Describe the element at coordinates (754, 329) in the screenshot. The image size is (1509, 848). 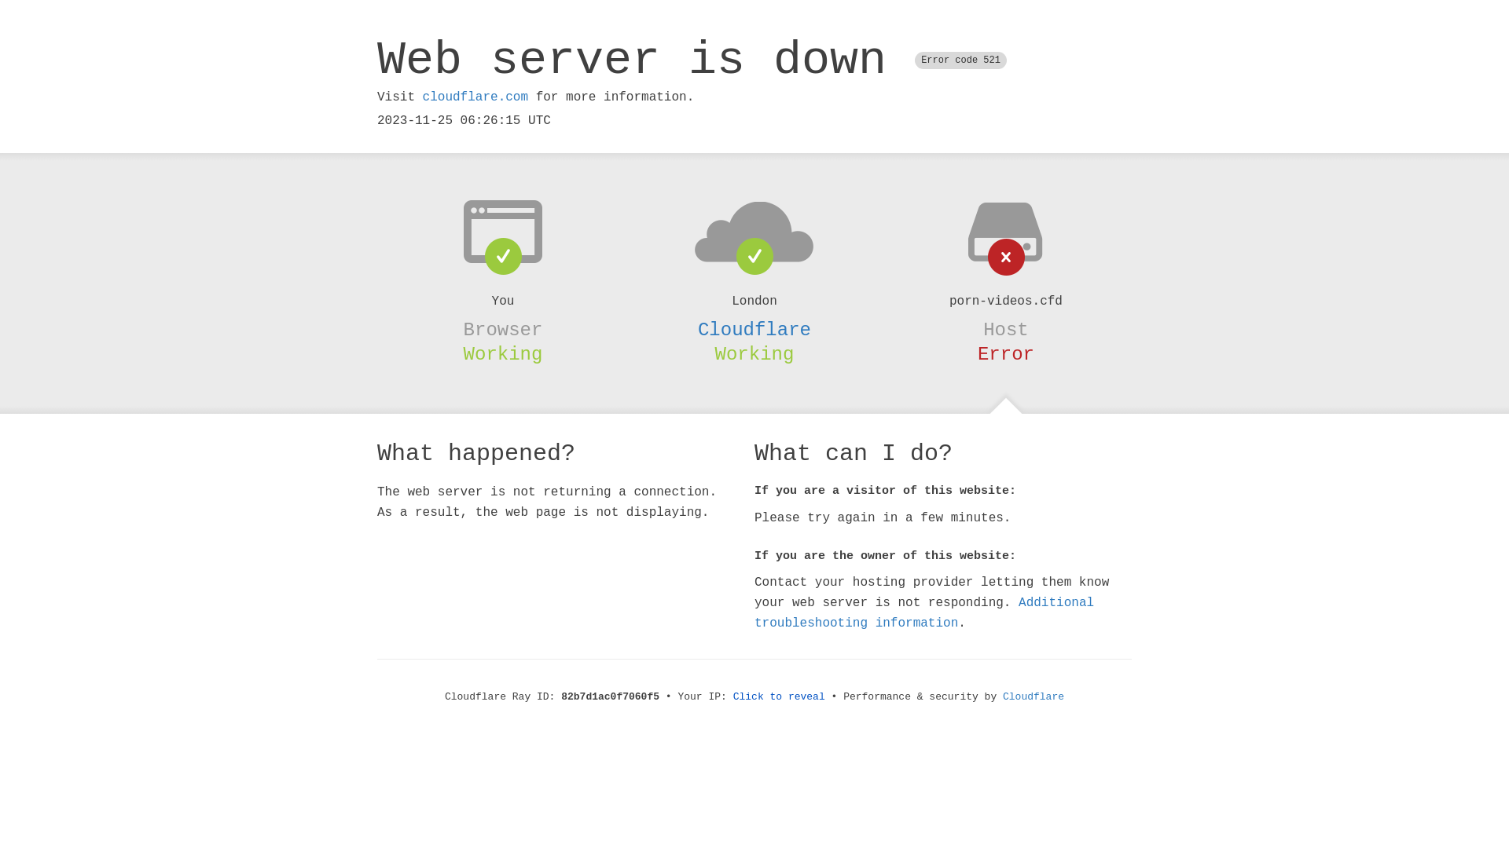
I see `'Cloudflare'` at that location.